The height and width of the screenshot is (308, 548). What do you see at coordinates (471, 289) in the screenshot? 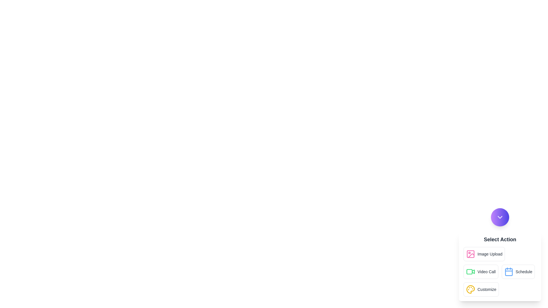
I see `the circular palette icon with smaller circular shapes representing paint colors, located next to the 'Customize' text at the bottom of a vertical list of options` at bounding box center [471, 289].